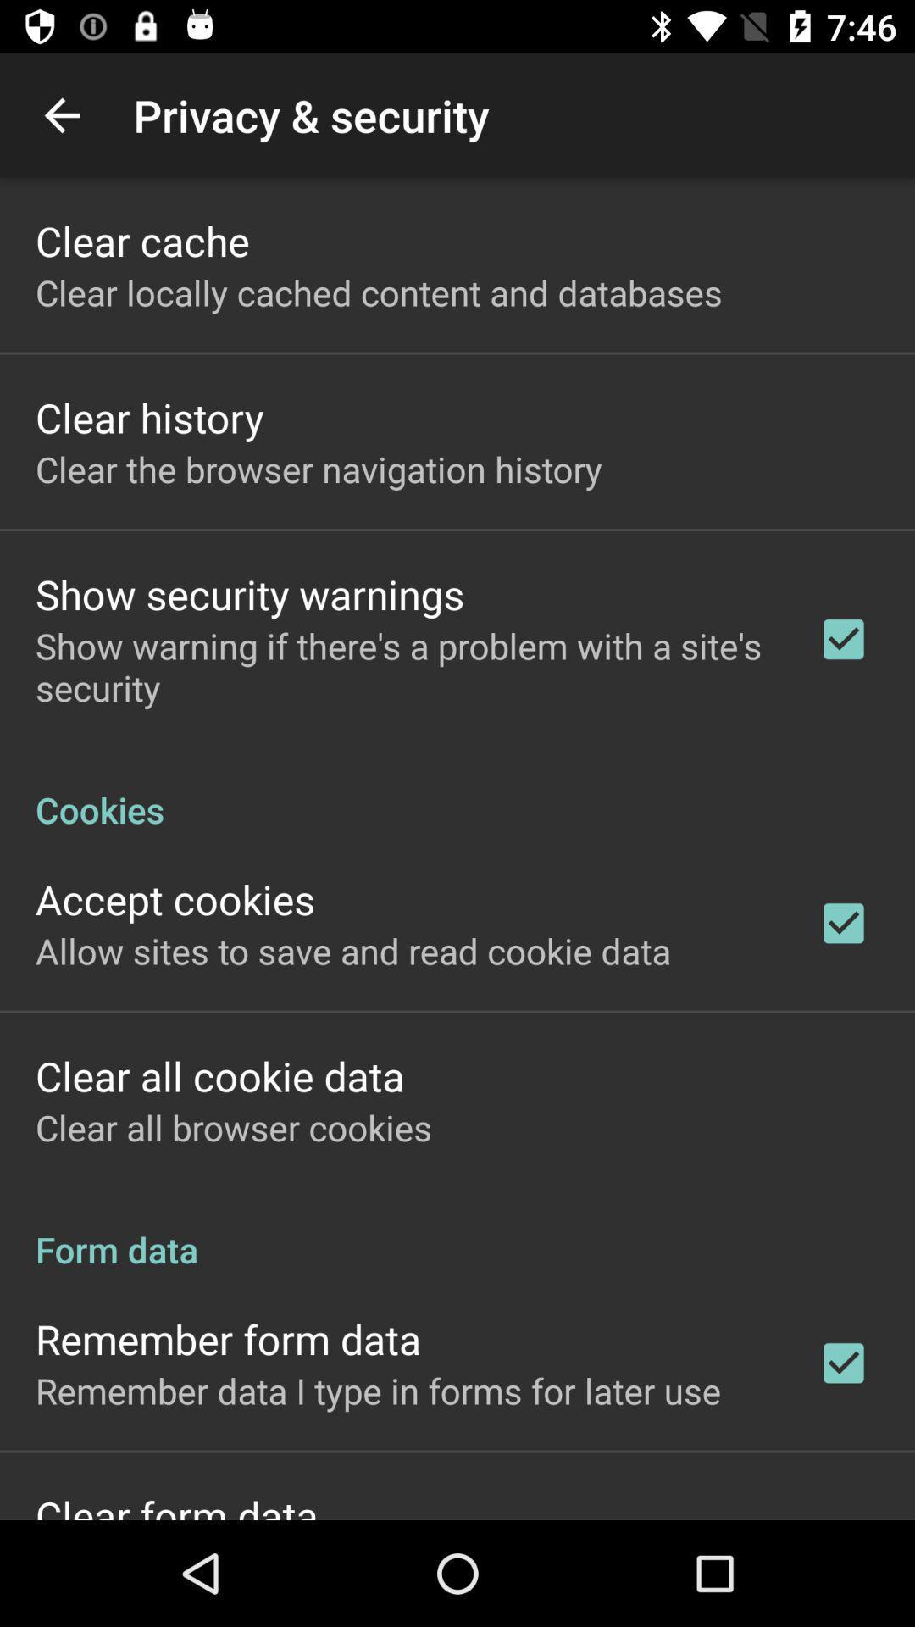 The width and height of the screenshot is (915, 1627). Describe the element at coordinates (175, 898) in the screenshot. I see `accept cookies icon` at that location.